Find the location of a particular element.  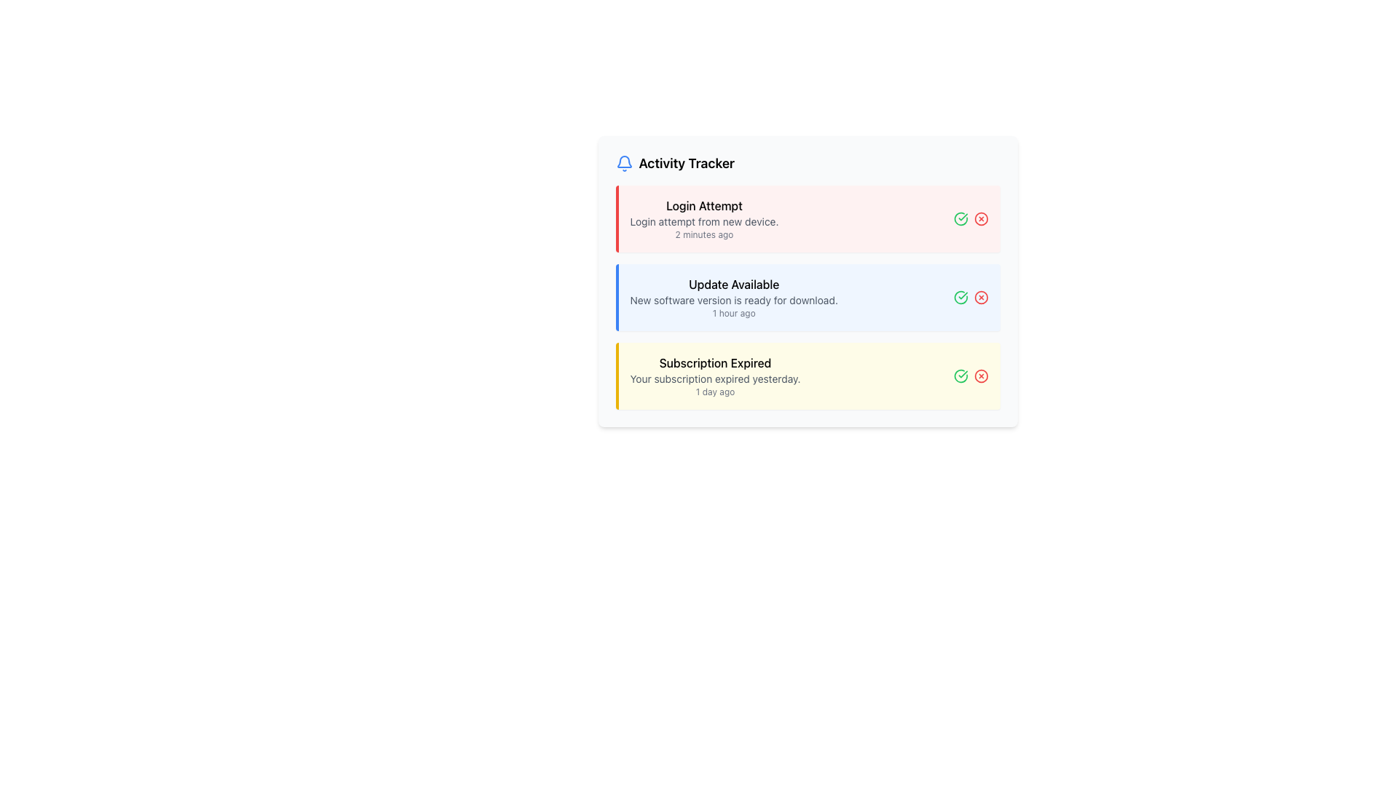

the circular section of the SVG icon that is part of the notification entry indicating 'Update Available' is located at coordinates (960, 296).